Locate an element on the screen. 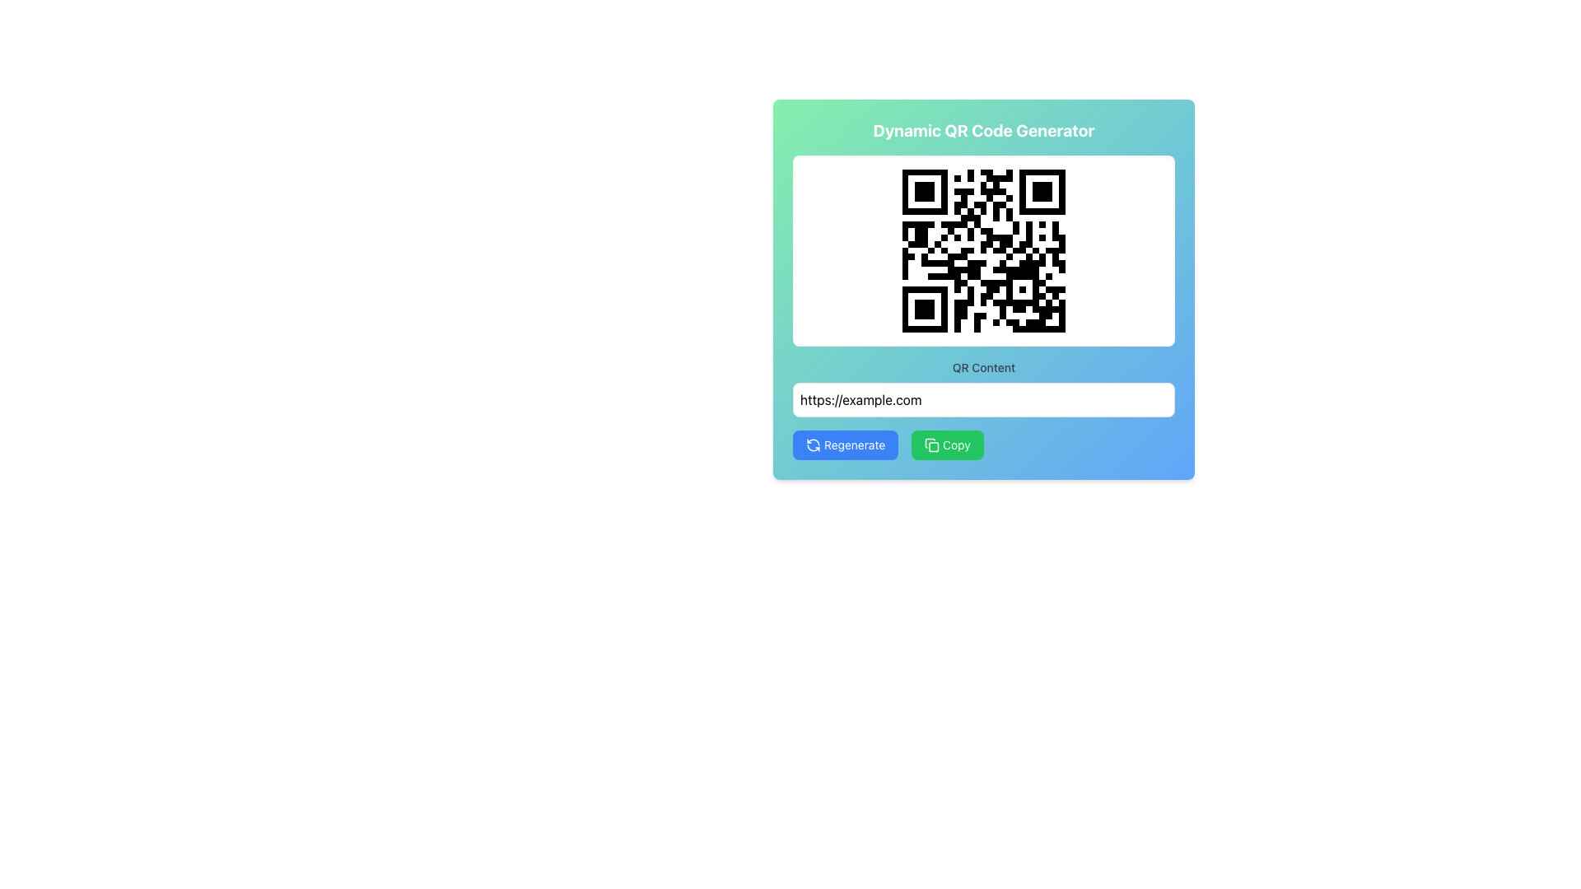 The height and width of the screenshot is (889, 1581). the 'Copy' button, a green rectangular button with rounded corners located at the bottom-right section of the card interface for keyboard navigation is located at coordinates (948, 444).